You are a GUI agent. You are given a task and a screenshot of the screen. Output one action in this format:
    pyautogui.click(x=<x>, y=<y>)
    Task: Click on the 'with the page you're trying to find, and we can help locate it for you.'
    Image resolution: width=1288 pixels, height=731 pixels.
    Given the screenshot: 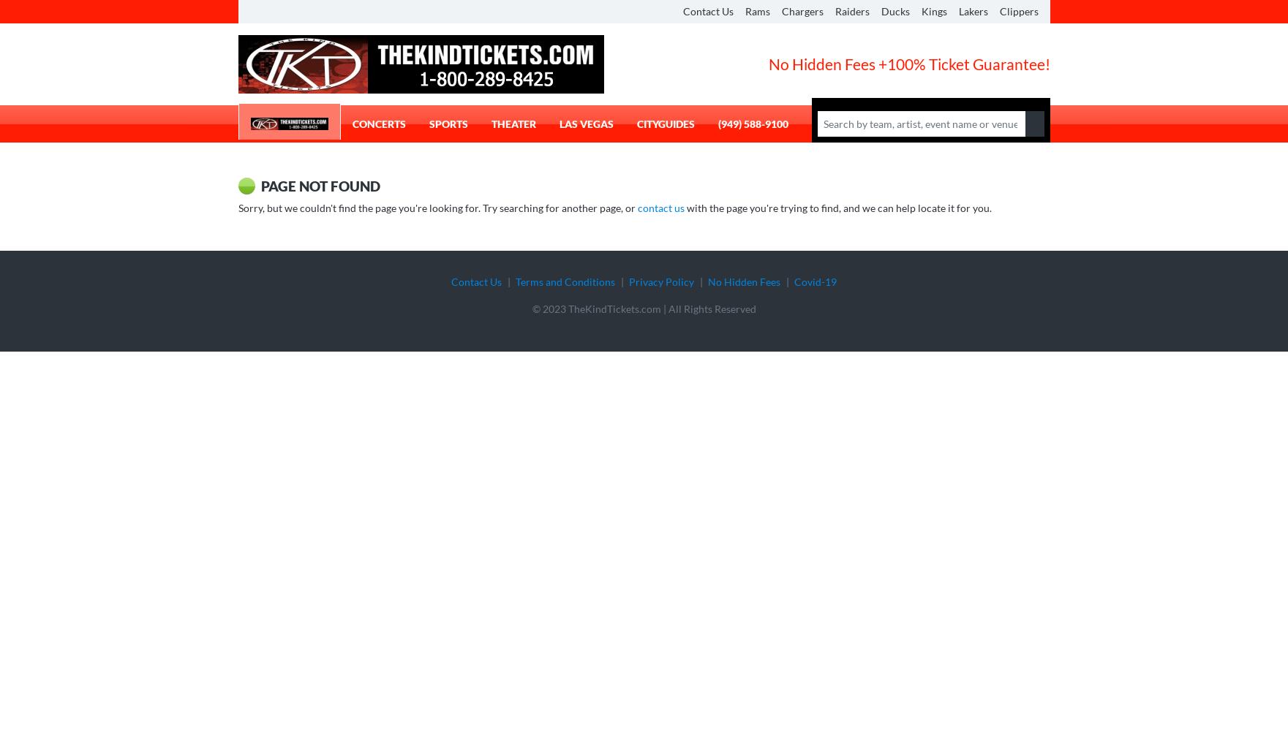 What is the action you would take?
    pyautogui.click(x=837, y=207)
    